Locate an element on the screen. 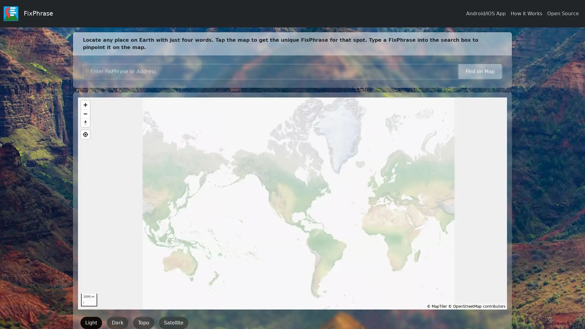  Reset bearing to north is located at coordinates (85, 122).